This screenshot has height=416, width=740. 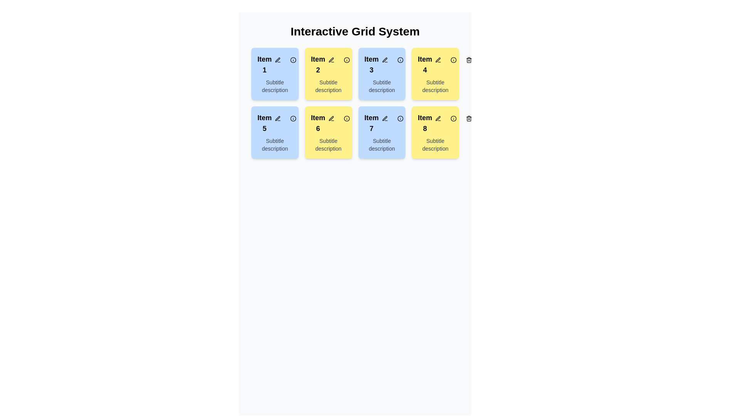 What do you see at coordinates (293, 119) in the screenshot?
I see `the circular button icon associated with the 'Item 5' section to interact with it` at bounding box center [293, 119].